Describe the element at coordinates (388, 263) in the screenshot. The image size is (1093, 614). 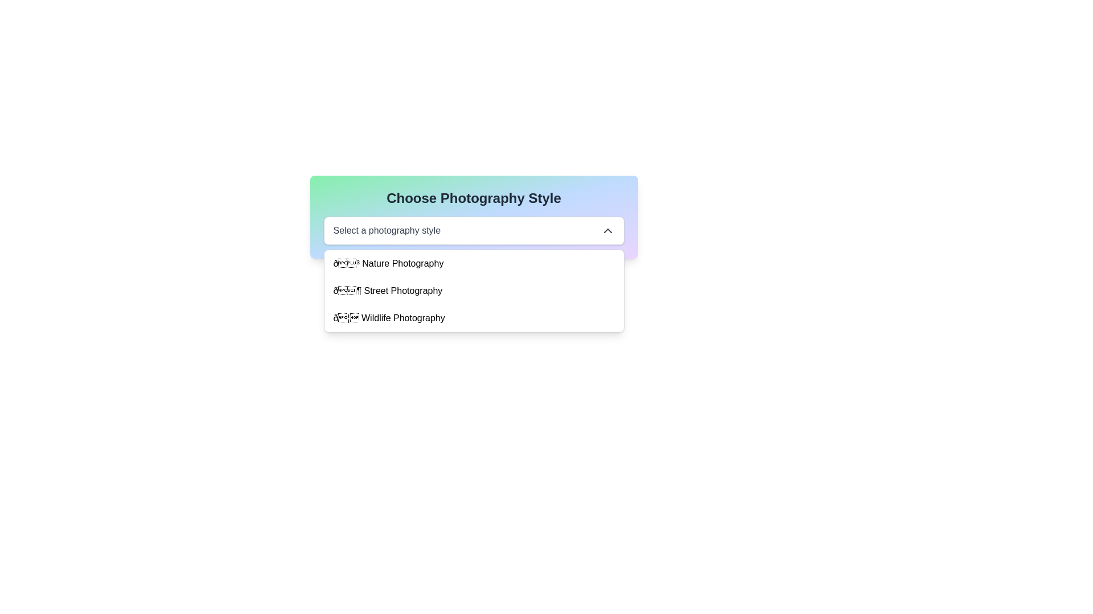
I see `the first option in the 'Choose Photography Style' dropdown menu and select it using keyboard controls` at that location.